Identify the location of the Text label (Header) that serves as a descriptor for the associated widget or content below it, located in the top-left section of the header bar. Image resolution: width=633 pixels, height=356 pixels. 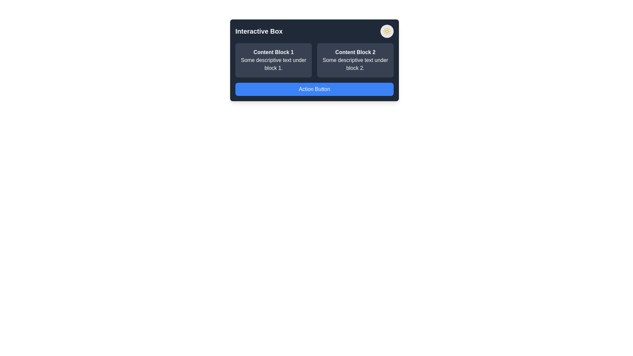
(258, 31).